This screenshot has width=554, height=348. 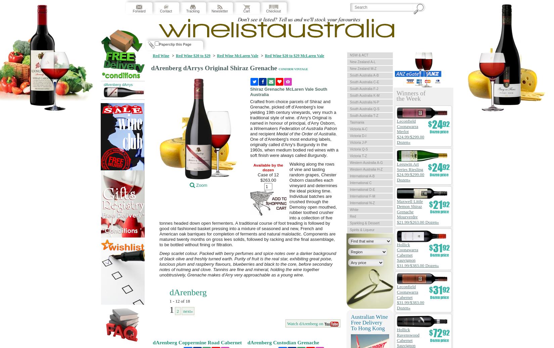 What do you see at coordinates (197, 342) in the screenshot?
I see `'dArenberg Coppermine Road Cabernet'` at bounding box center [197, 342].